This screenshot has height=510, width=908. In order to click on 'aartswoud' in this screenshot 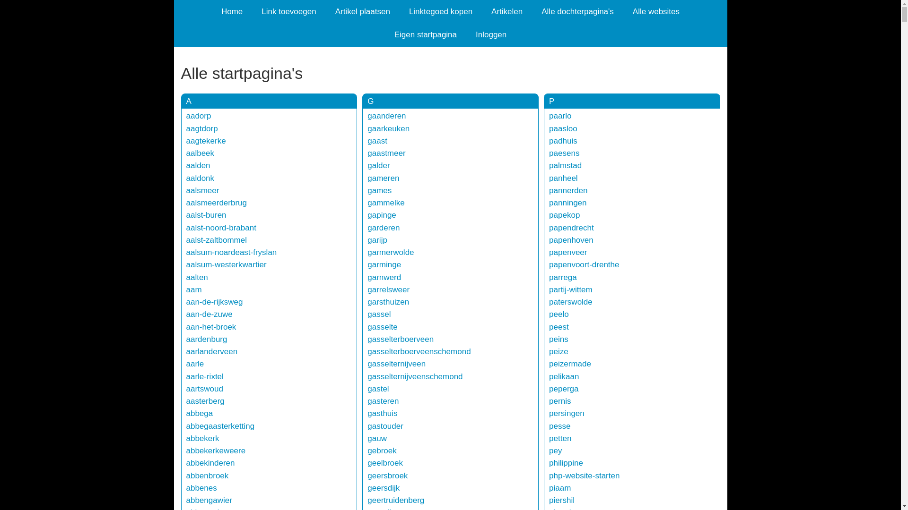, I will do `click(204, 389)`.